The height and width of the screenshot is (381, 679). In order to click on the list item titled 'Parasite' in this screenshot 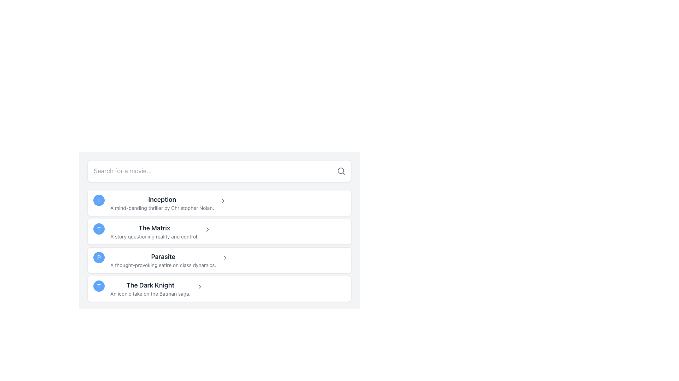, I will do `click(219, 260)`.